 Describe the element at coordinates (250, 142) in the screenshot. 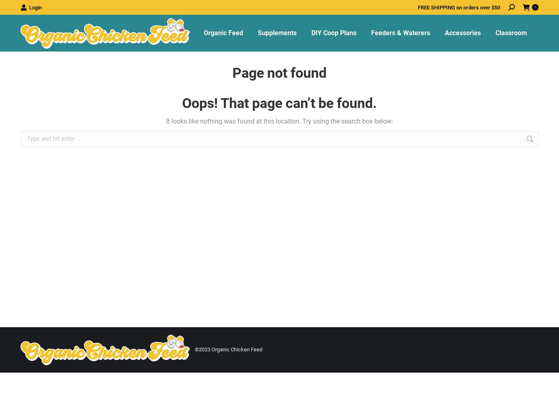

I see `'Organic Turkey, Duck & Other Feed'` at that location.